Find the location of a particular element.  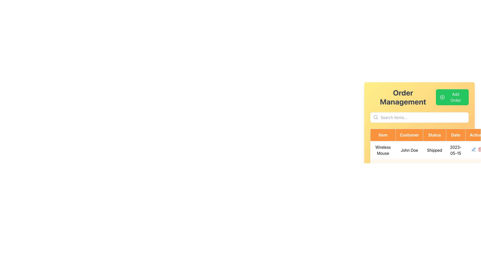

the 'Order Management' text label, which serves as a section header and is located at the top-left corner of its section, to the left of the 'Add Order' button is located at coordinates (403, 97).